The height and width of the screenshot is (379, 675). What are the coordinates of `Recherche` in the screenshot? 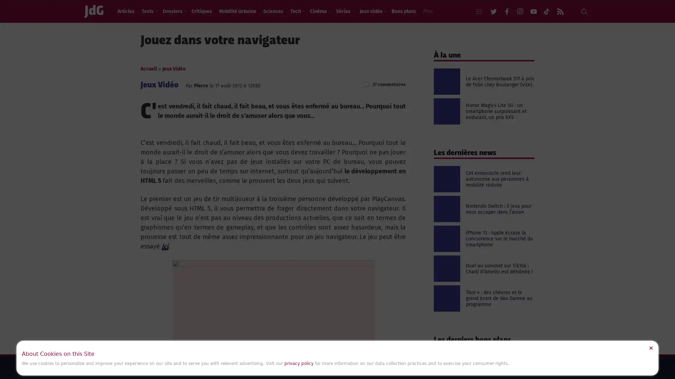 It's located at (584, 11).